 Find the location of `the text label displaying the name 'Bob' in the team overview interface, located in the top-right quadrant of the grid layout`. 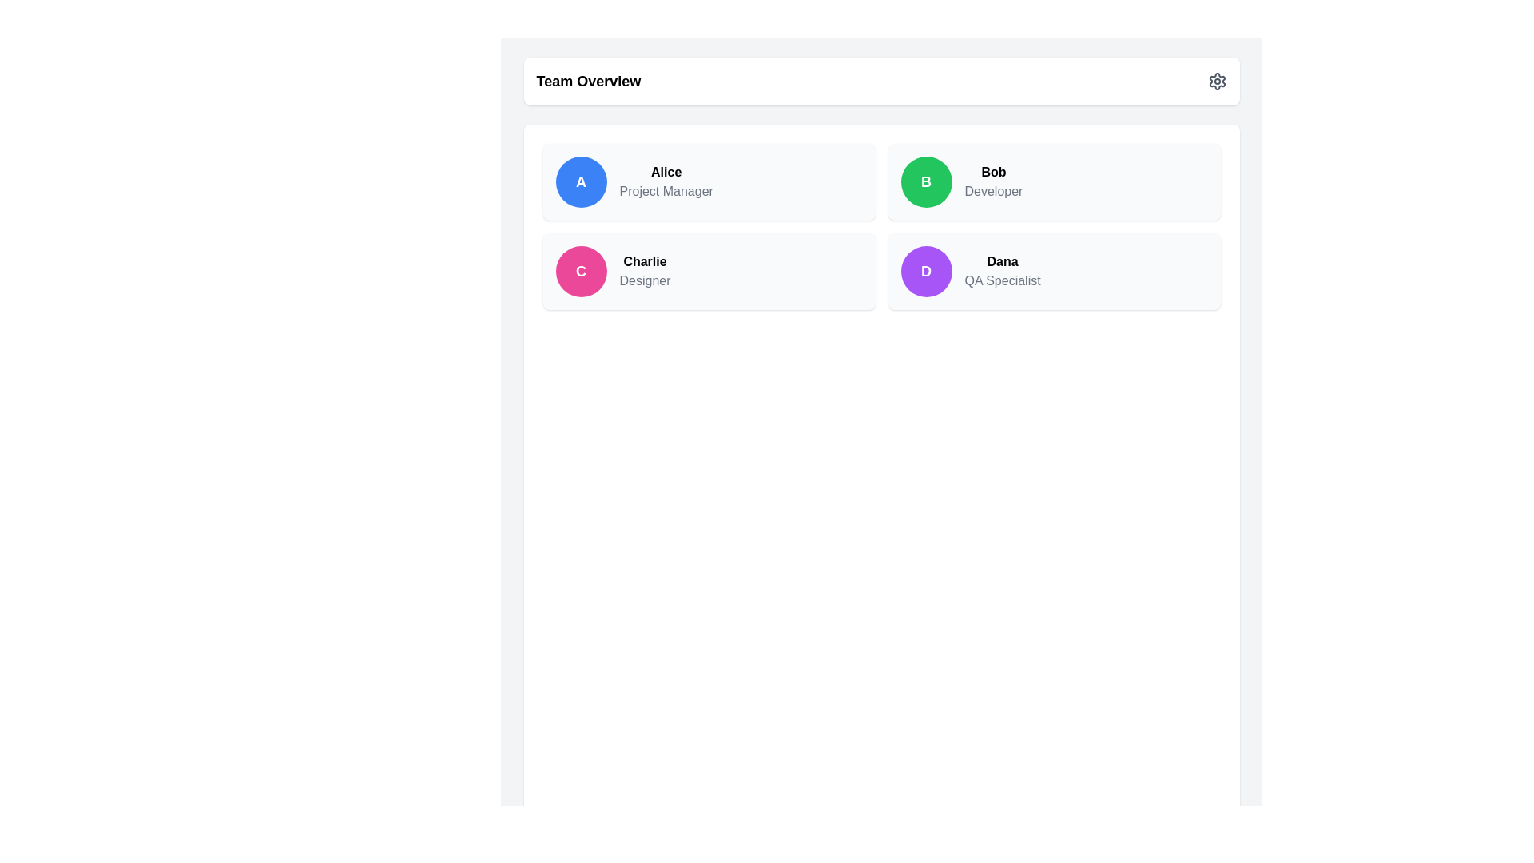

the text label displaying the name 'Bob' in the team overview interface, located in the top-right quadrant of the grid layout is located at coordinates (992, 173).